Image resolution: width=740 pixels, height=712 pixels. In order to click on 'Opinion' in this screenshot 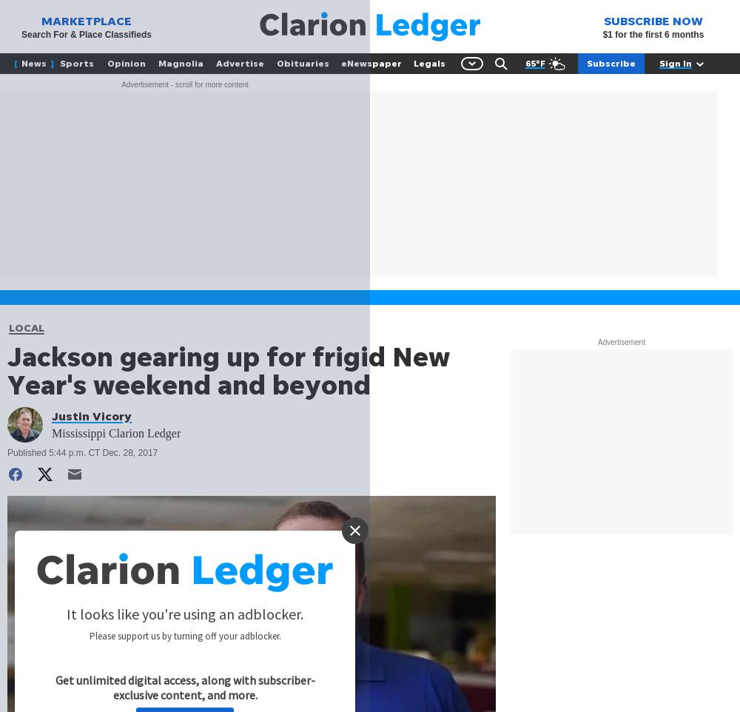, I will do `click(126, 63)`.